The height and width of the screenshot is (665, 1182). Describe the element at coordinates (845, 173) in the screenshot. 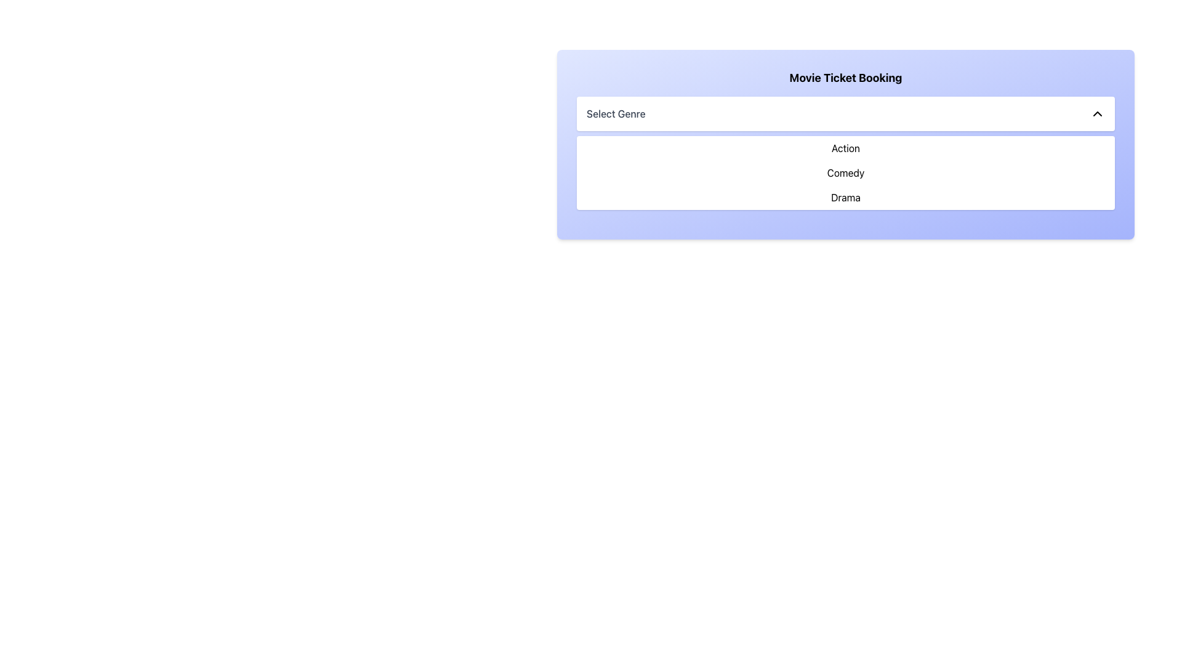

I see `the option in the drop-down menu located below the 'Select Genre' button` at that location.